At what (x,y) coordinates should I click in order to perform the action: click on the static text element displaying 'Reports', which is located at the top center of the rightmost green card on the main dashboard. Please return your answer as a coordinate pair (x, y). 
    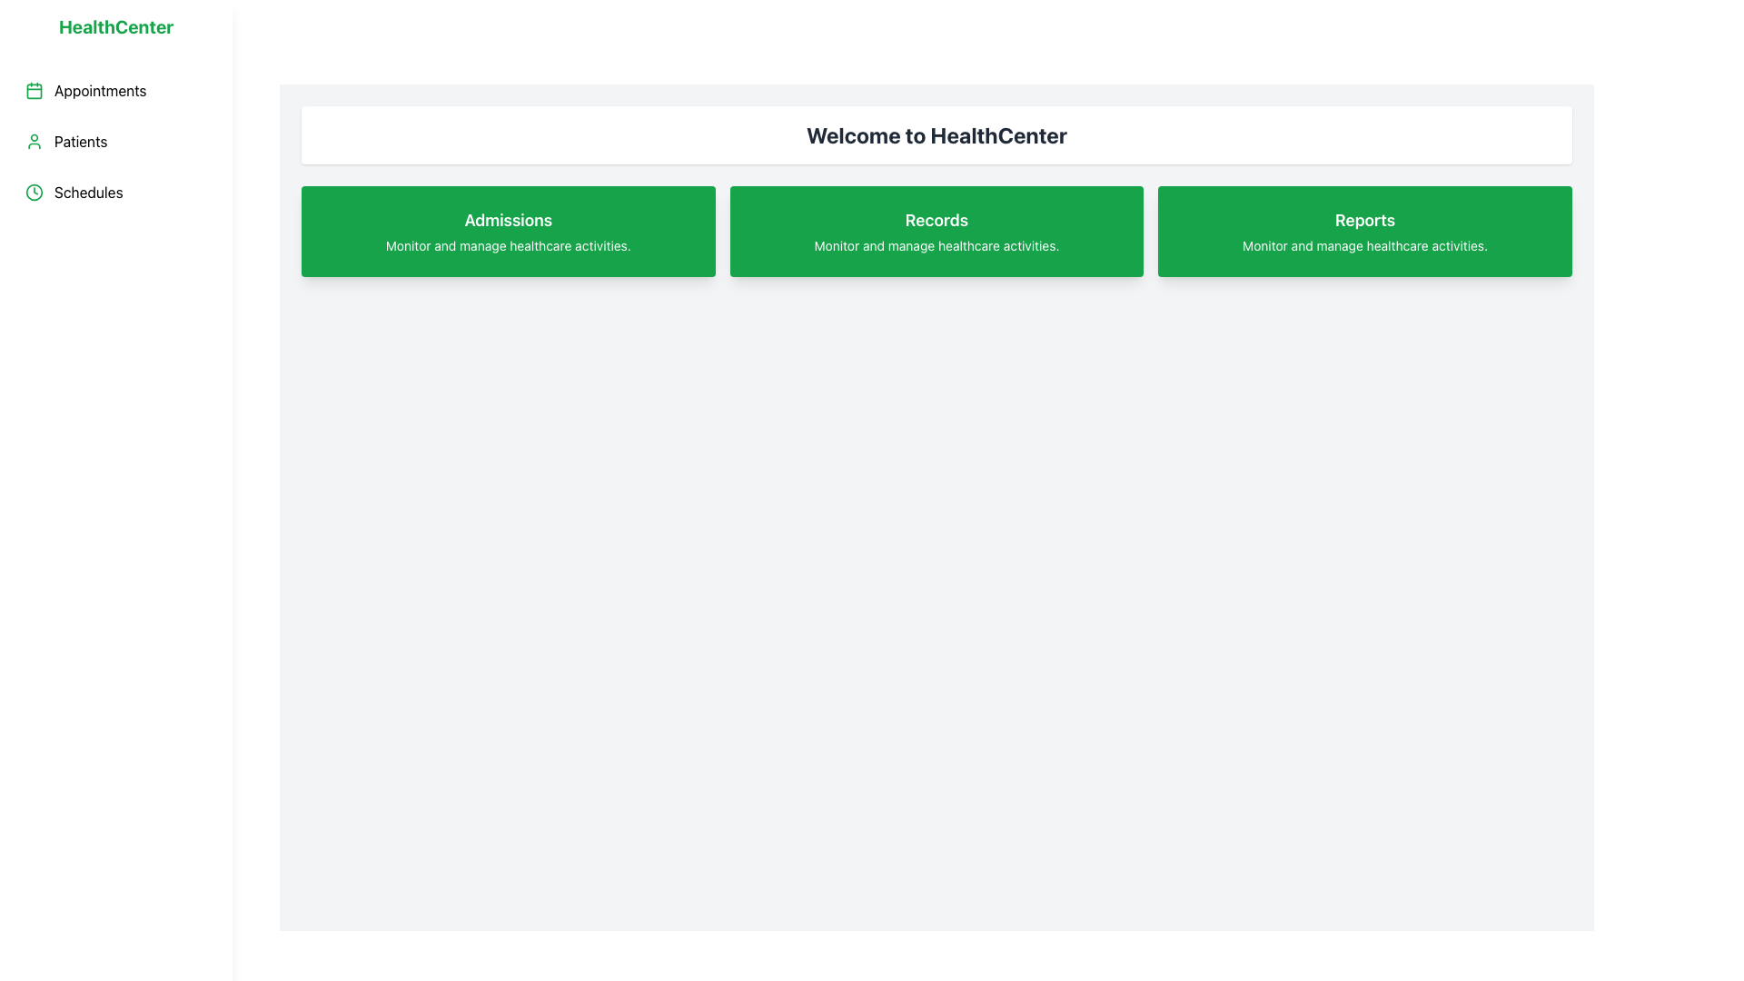
    Looking at the image, I should click on (1365, 220).